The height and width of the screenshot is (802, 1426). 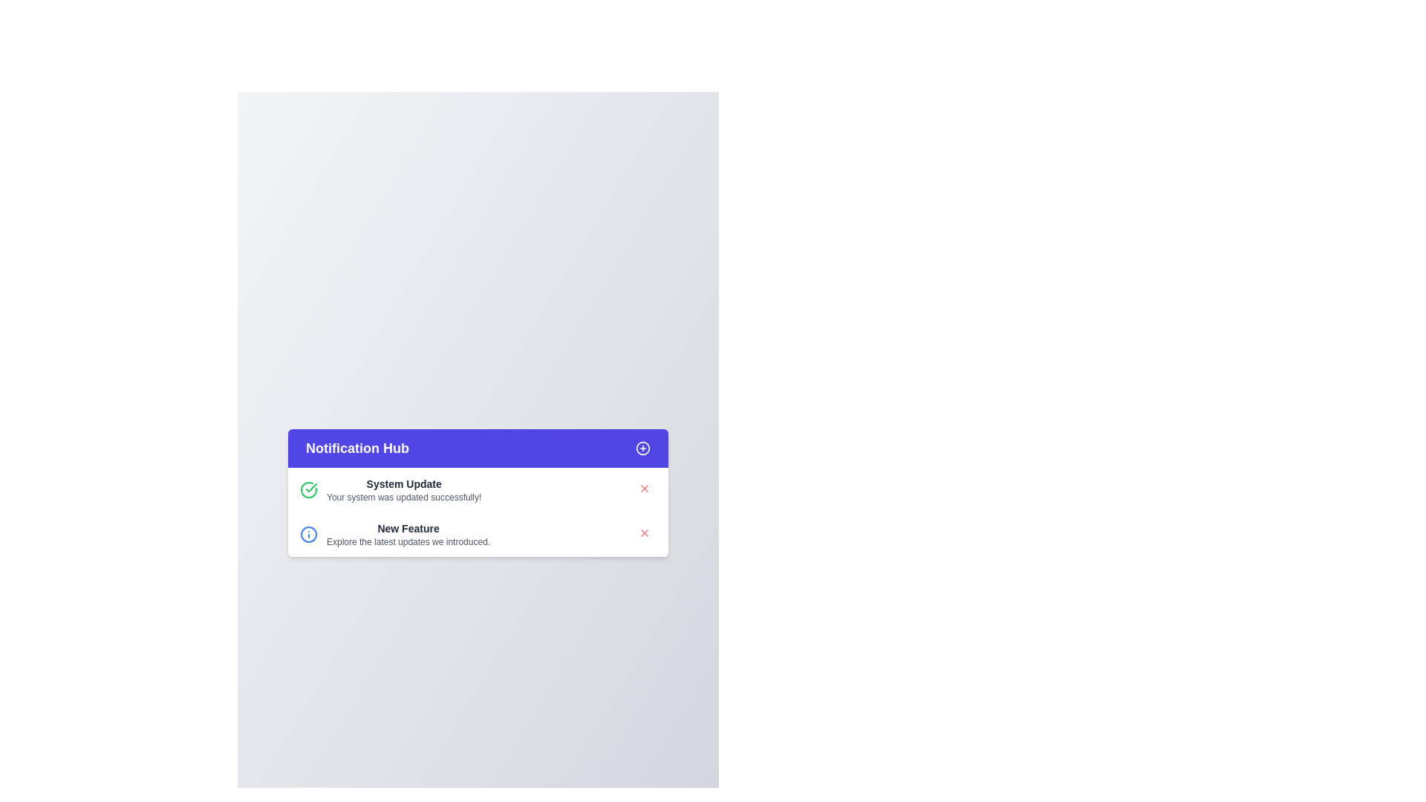 What do you see at coordinates (310, 487) in the screenshot?
I see `green checkmark icon within the circular badge located at the top-left corner of the first notification item in the 'Notification Hub' section` at bounding box center [310, 487].